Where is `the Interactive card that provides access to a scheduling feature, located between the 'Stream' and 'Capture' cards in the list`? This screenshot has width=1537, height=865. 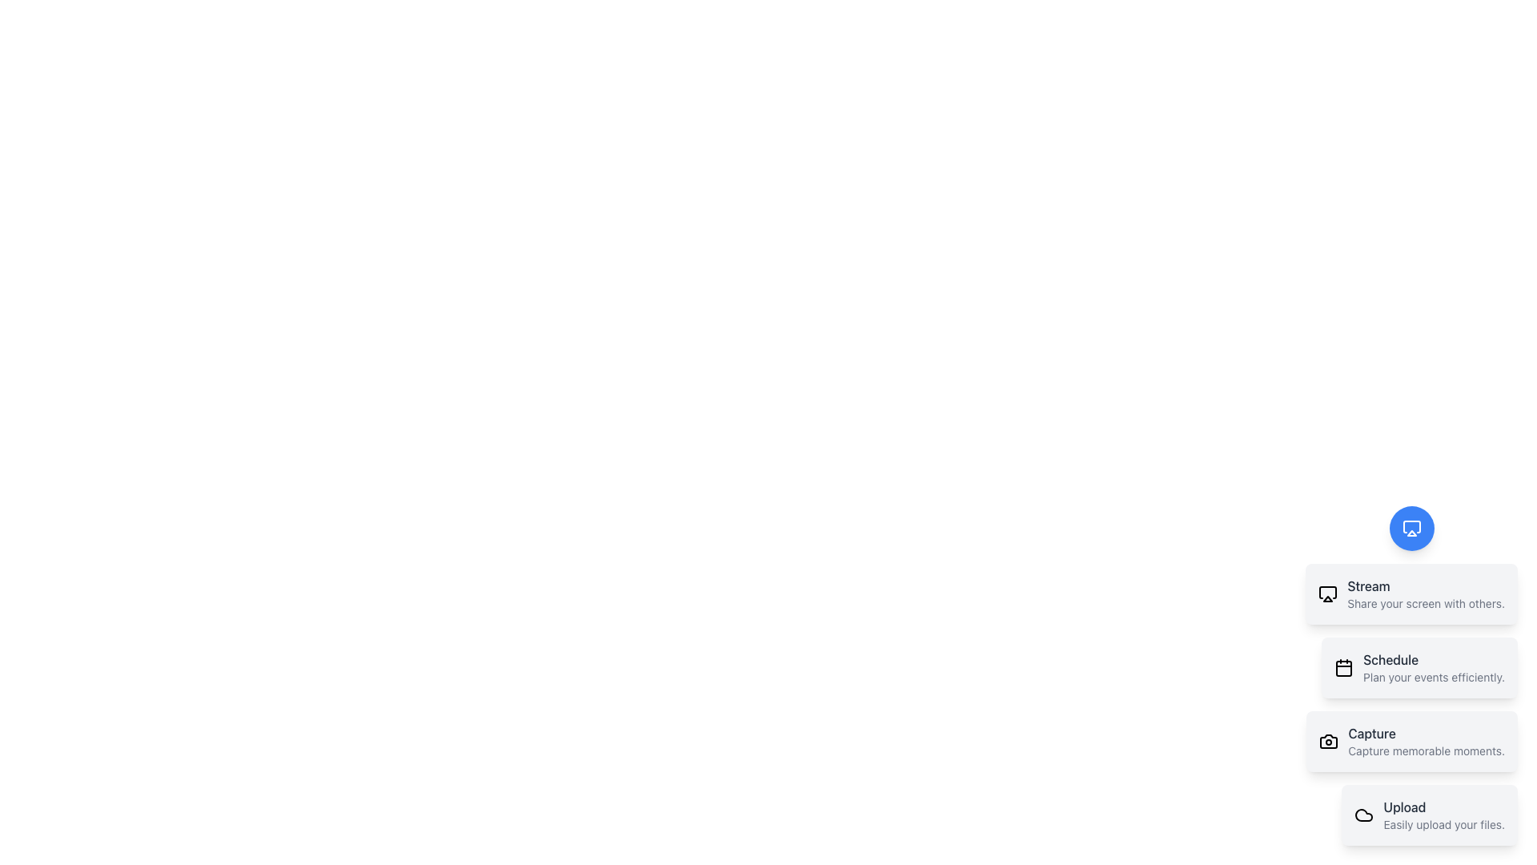
the Interactive card that provides access to a scheduling feature, located between the 'Stream' and 'Capture' cards in the list is located at coordinates (1419, 667).